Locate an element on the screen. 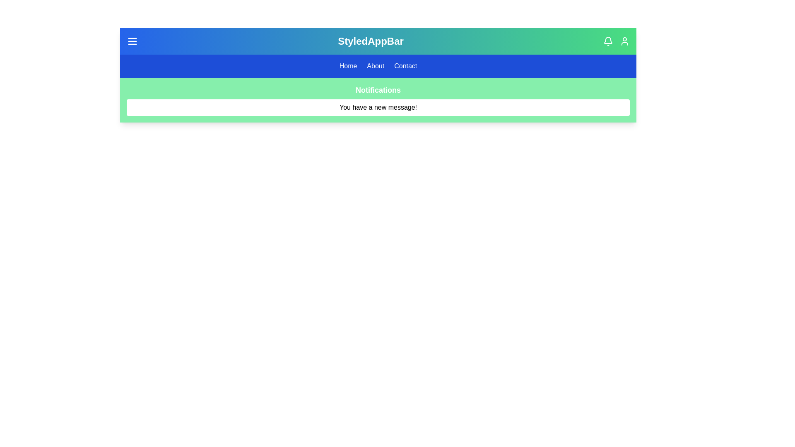  the 'StyledAppBar' text label in the navigation bar is located at coordinates (370, 41).